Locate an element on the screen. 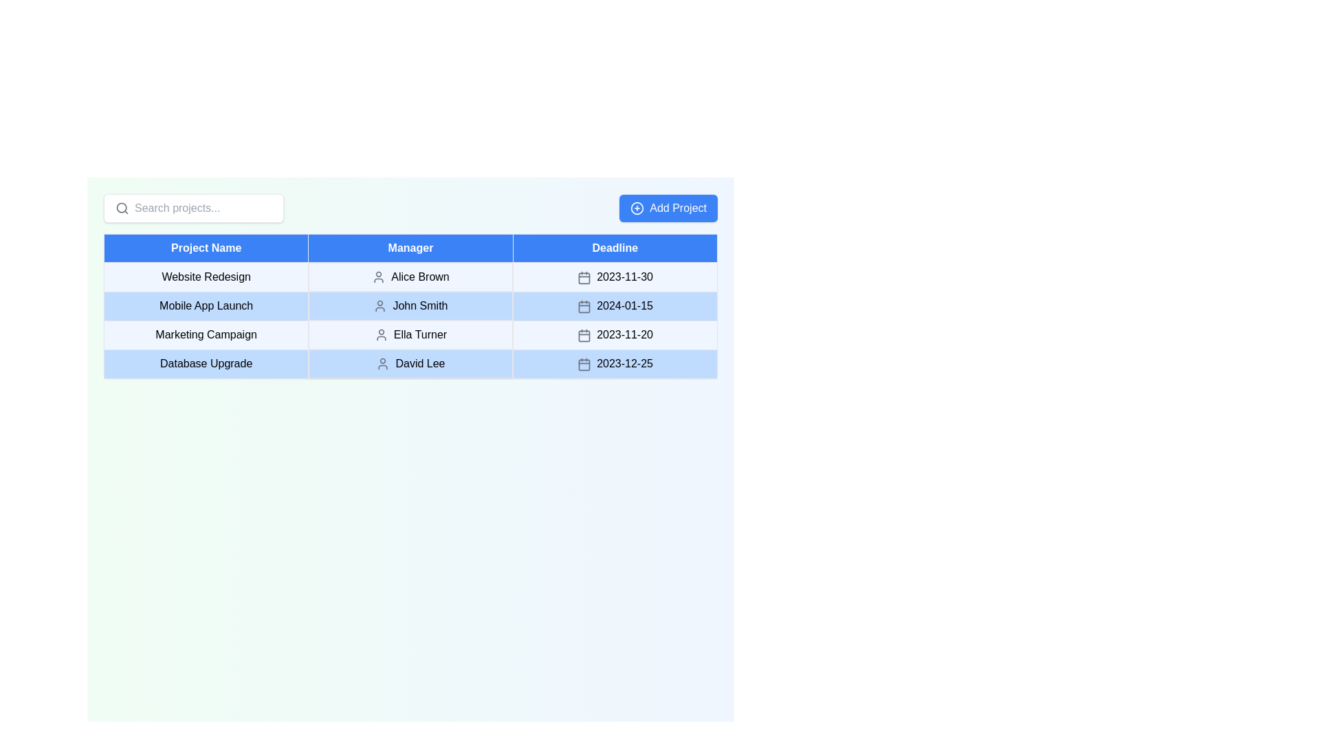 The width and height of the screenshot is (1320, 743). the calendar icon in the 'Deadline' column of the last row of the table for the project 'Database Upgrade', which is positioned to the left of the text '2023-12-25' is located at coordinates (584, 364).